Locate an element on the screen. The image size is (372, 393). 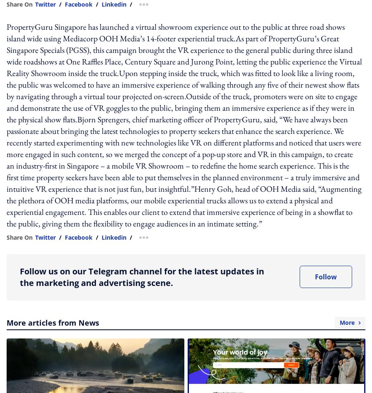
'PR awards' is located at coordinates (132, 106).